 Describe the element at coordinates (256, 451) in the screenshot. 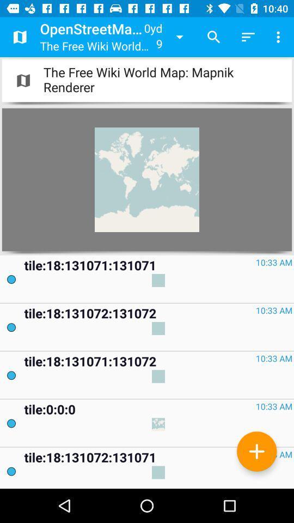

I see `the add icon` at that location.